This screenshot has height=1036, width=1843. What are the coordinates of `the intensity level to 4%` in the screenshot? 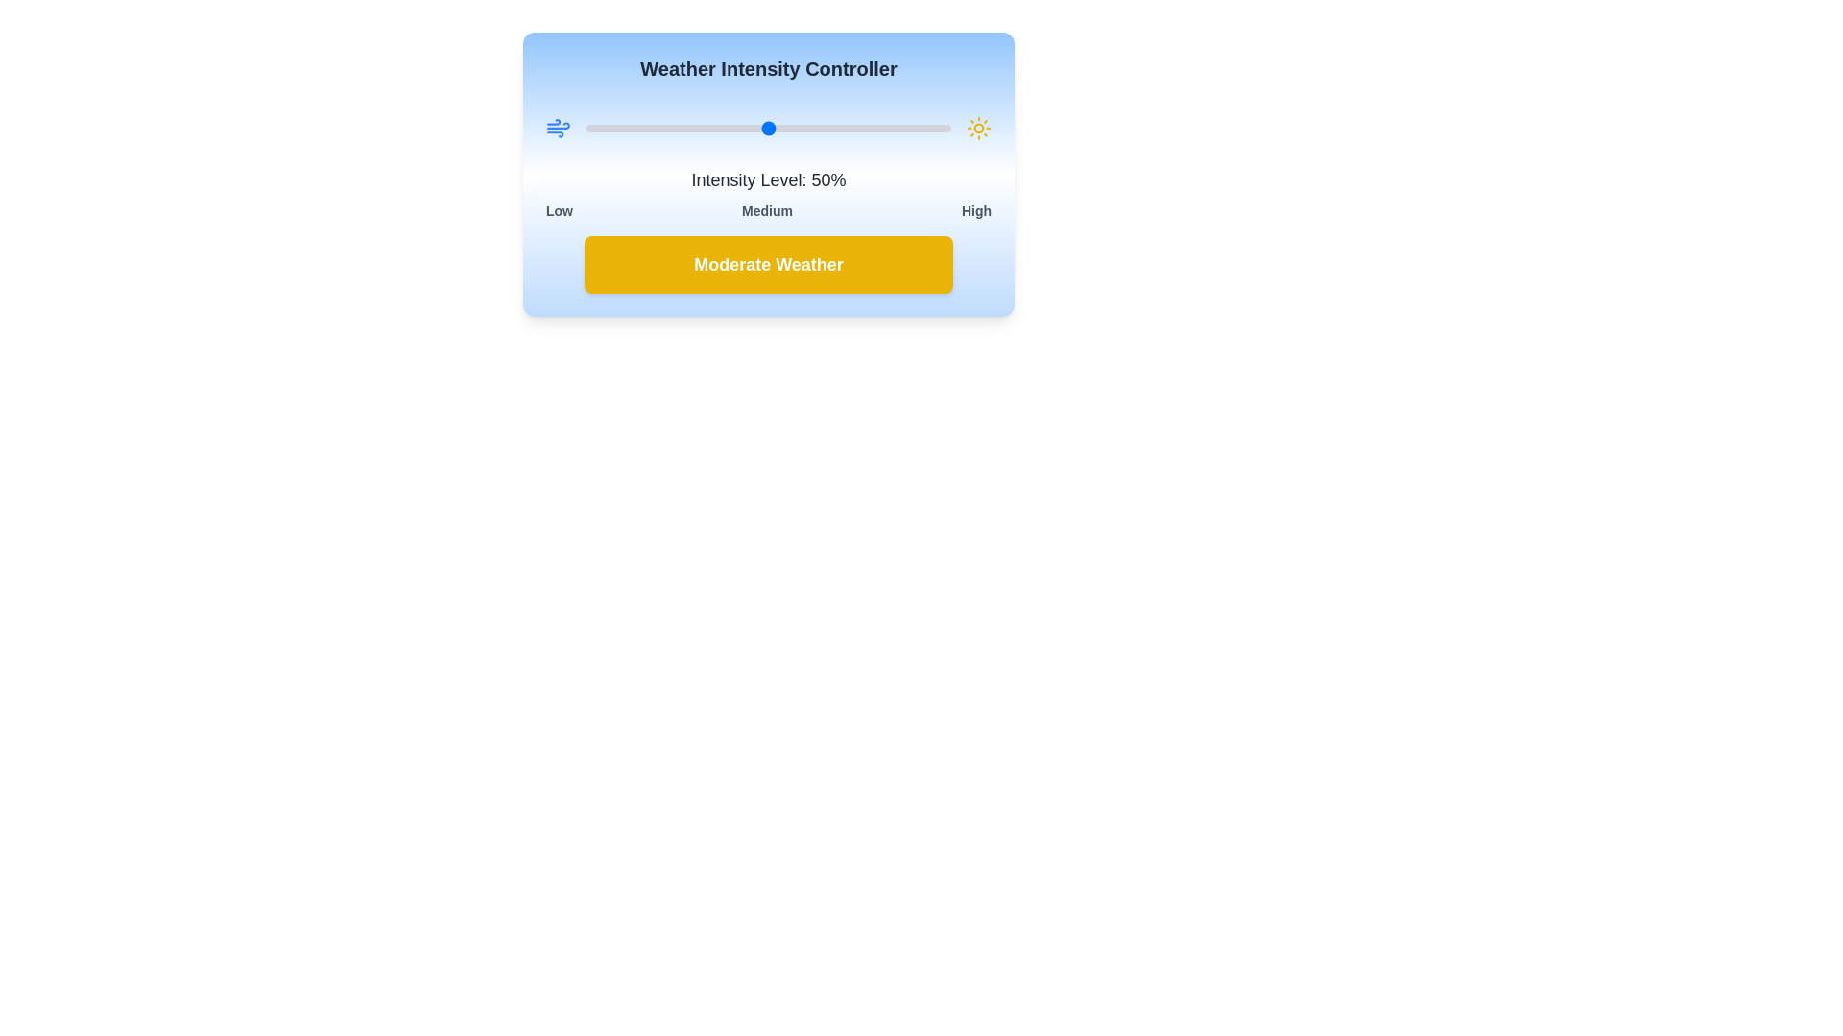 It's located at (600, 129).